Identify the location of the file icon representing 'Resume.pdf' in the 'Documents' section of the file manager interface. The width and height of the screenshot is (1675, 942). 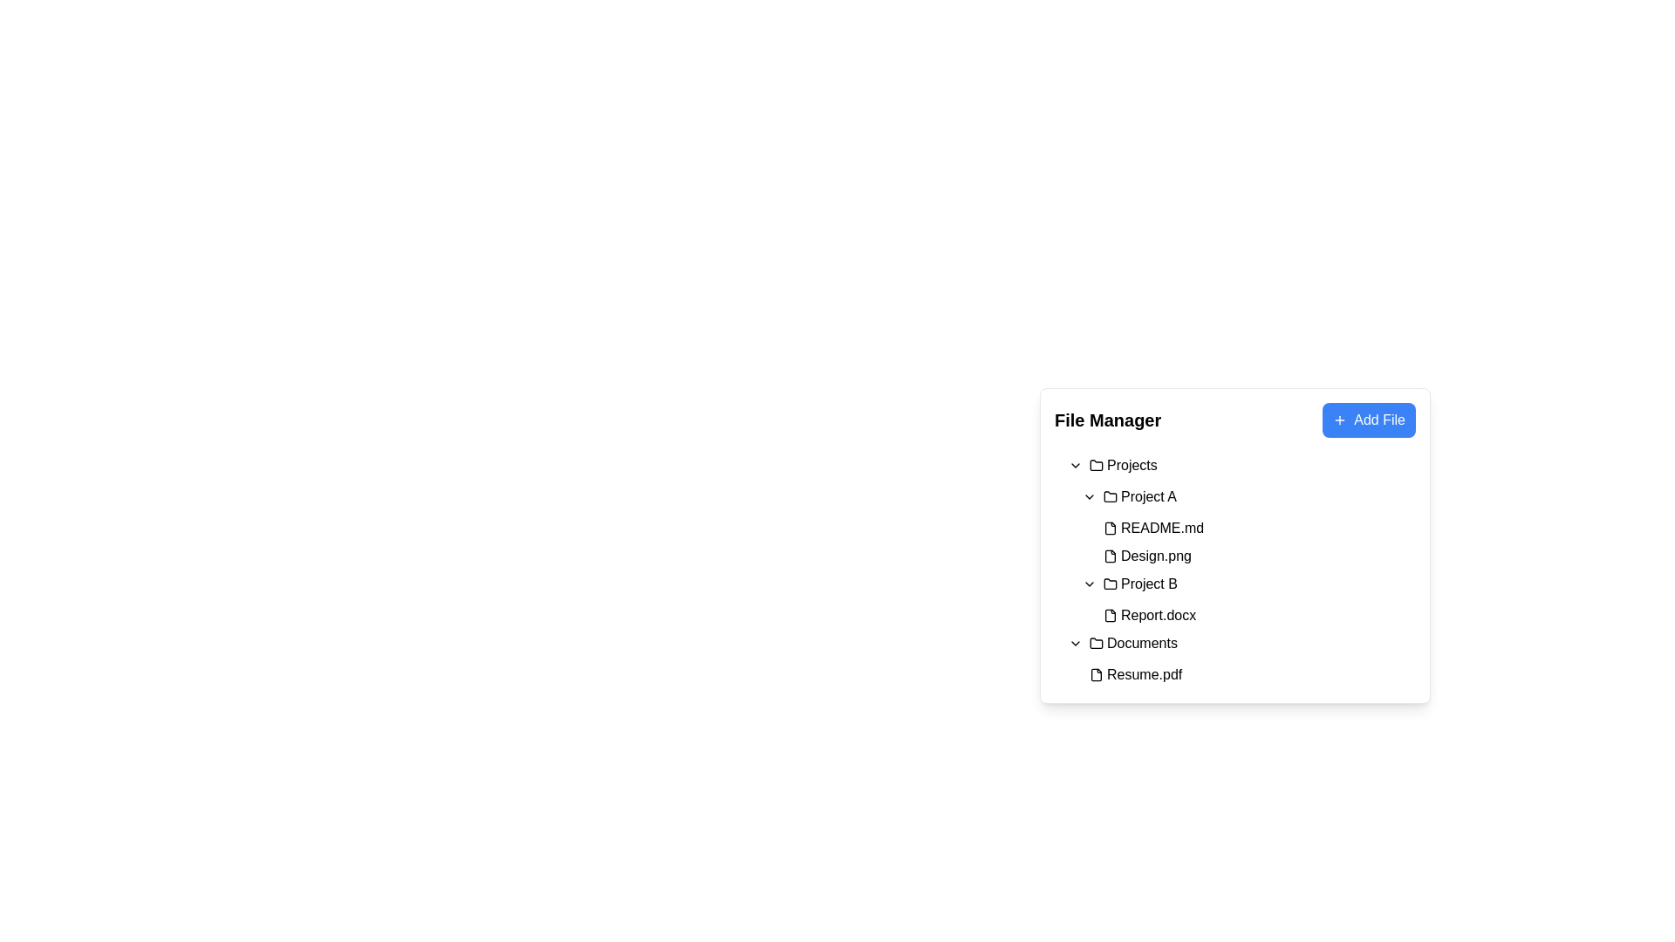
(1096, 674).